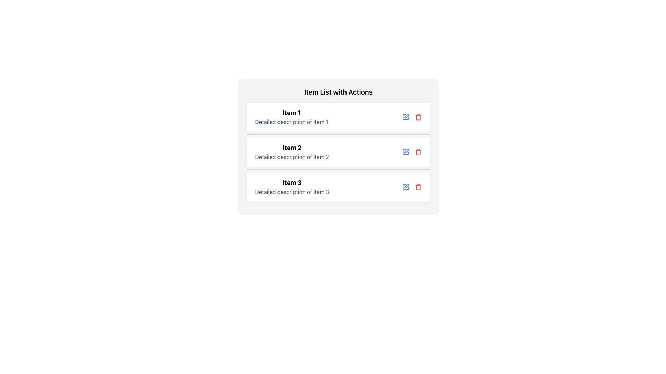 The height and width of the screenshot is (374, 666). I want to click on the edit button for the 'Item 3' row, so click(405, 187).